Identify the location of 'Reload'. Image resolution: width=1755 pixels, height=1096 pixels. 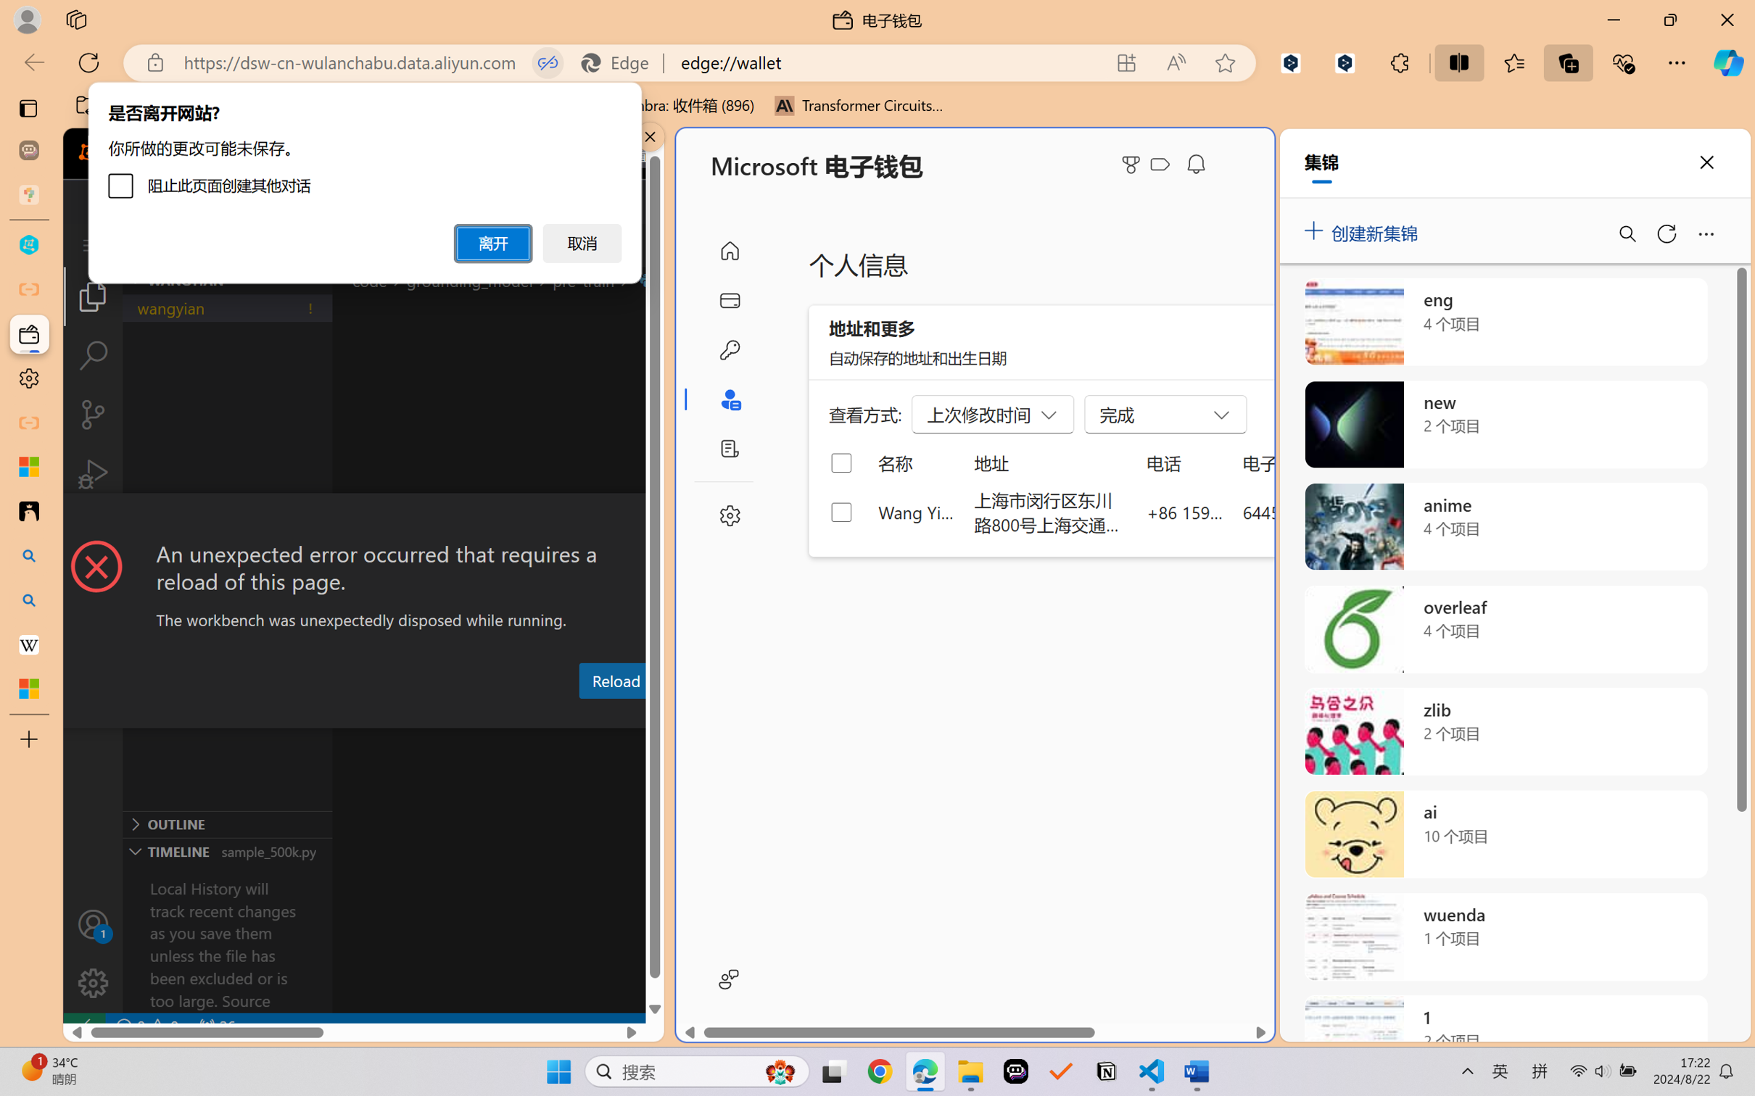
(614, 679).